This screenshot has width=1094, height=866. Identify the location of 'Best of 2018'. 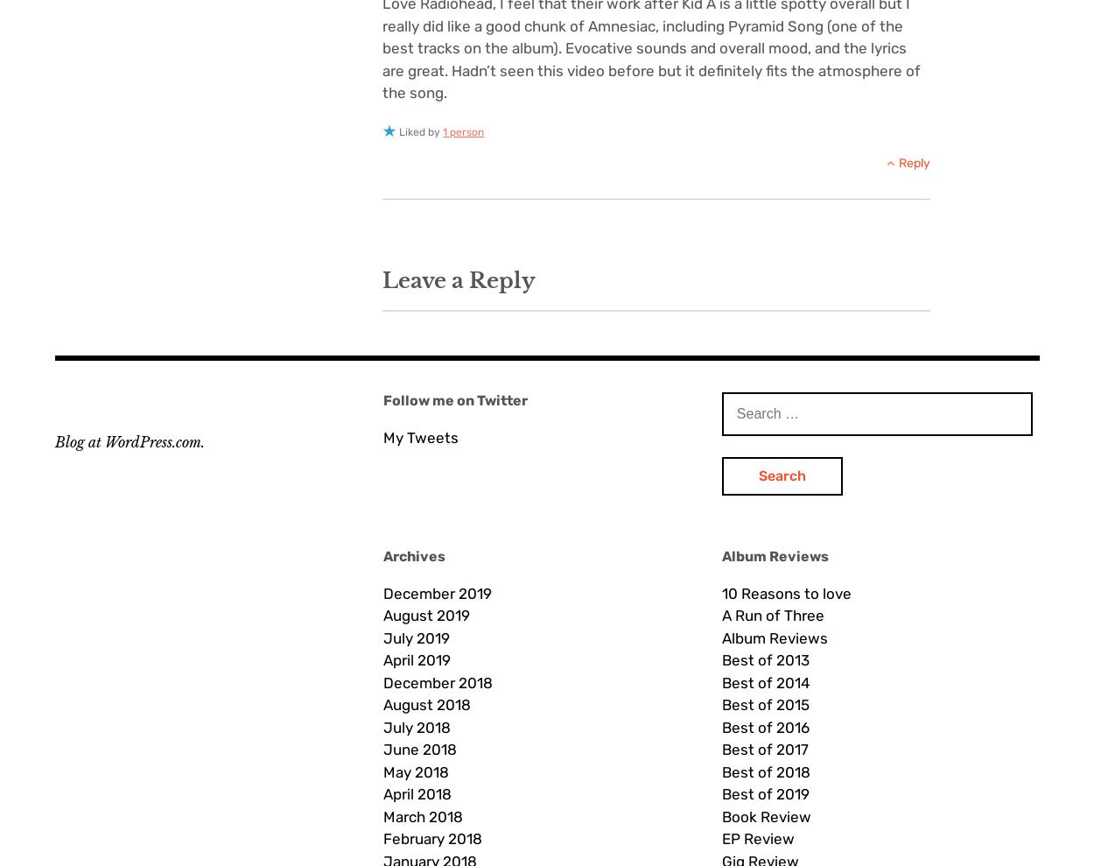
(720, 771).